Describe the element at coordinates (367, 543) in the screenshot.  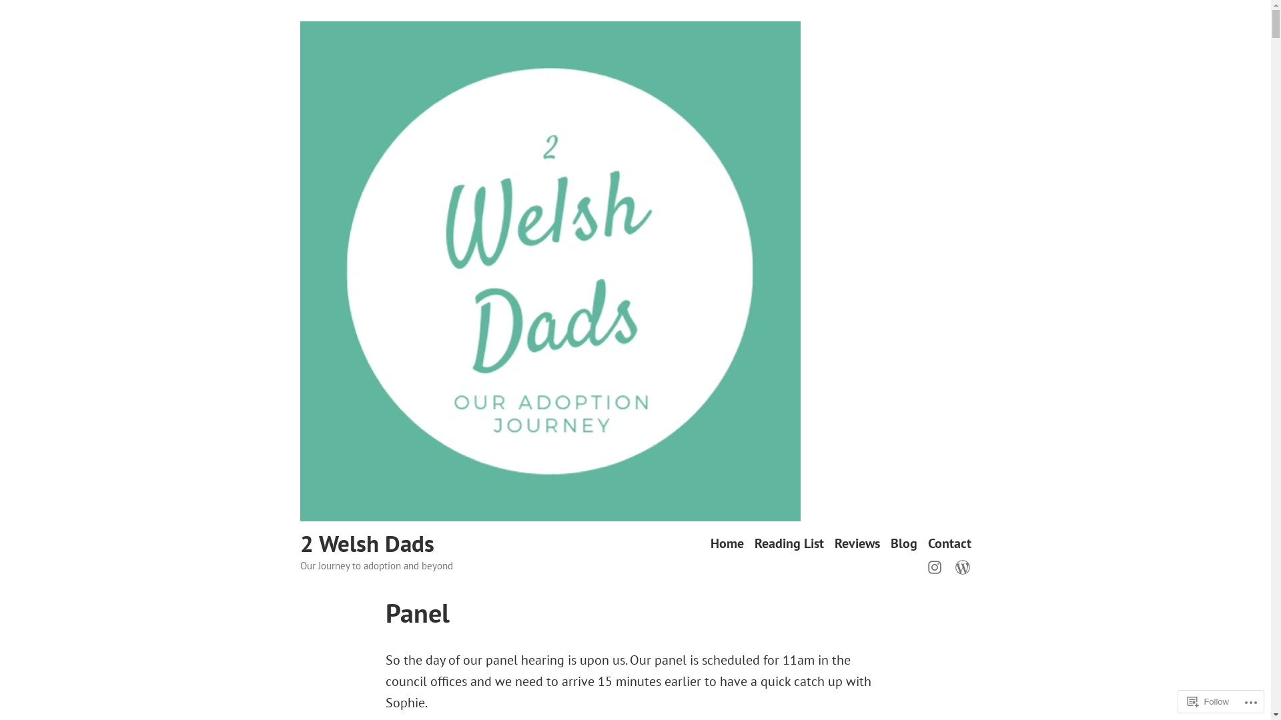
I see `'2 Welsh Dads'` at that location.